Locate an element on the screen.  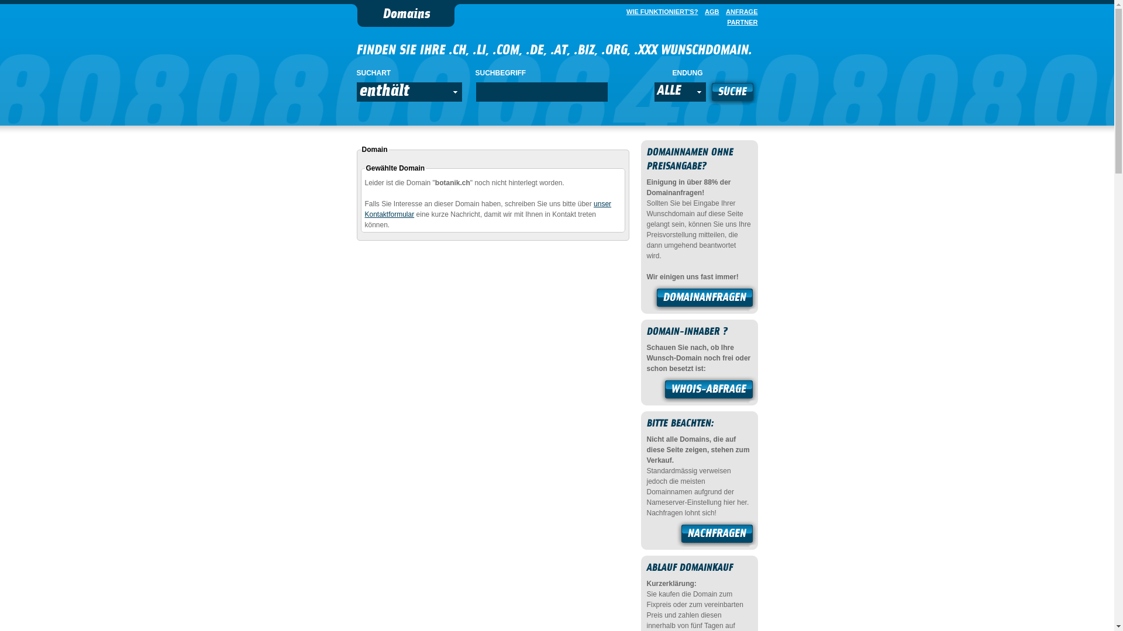
'NACHFRAGEN' is located at coordinates (716, 535).